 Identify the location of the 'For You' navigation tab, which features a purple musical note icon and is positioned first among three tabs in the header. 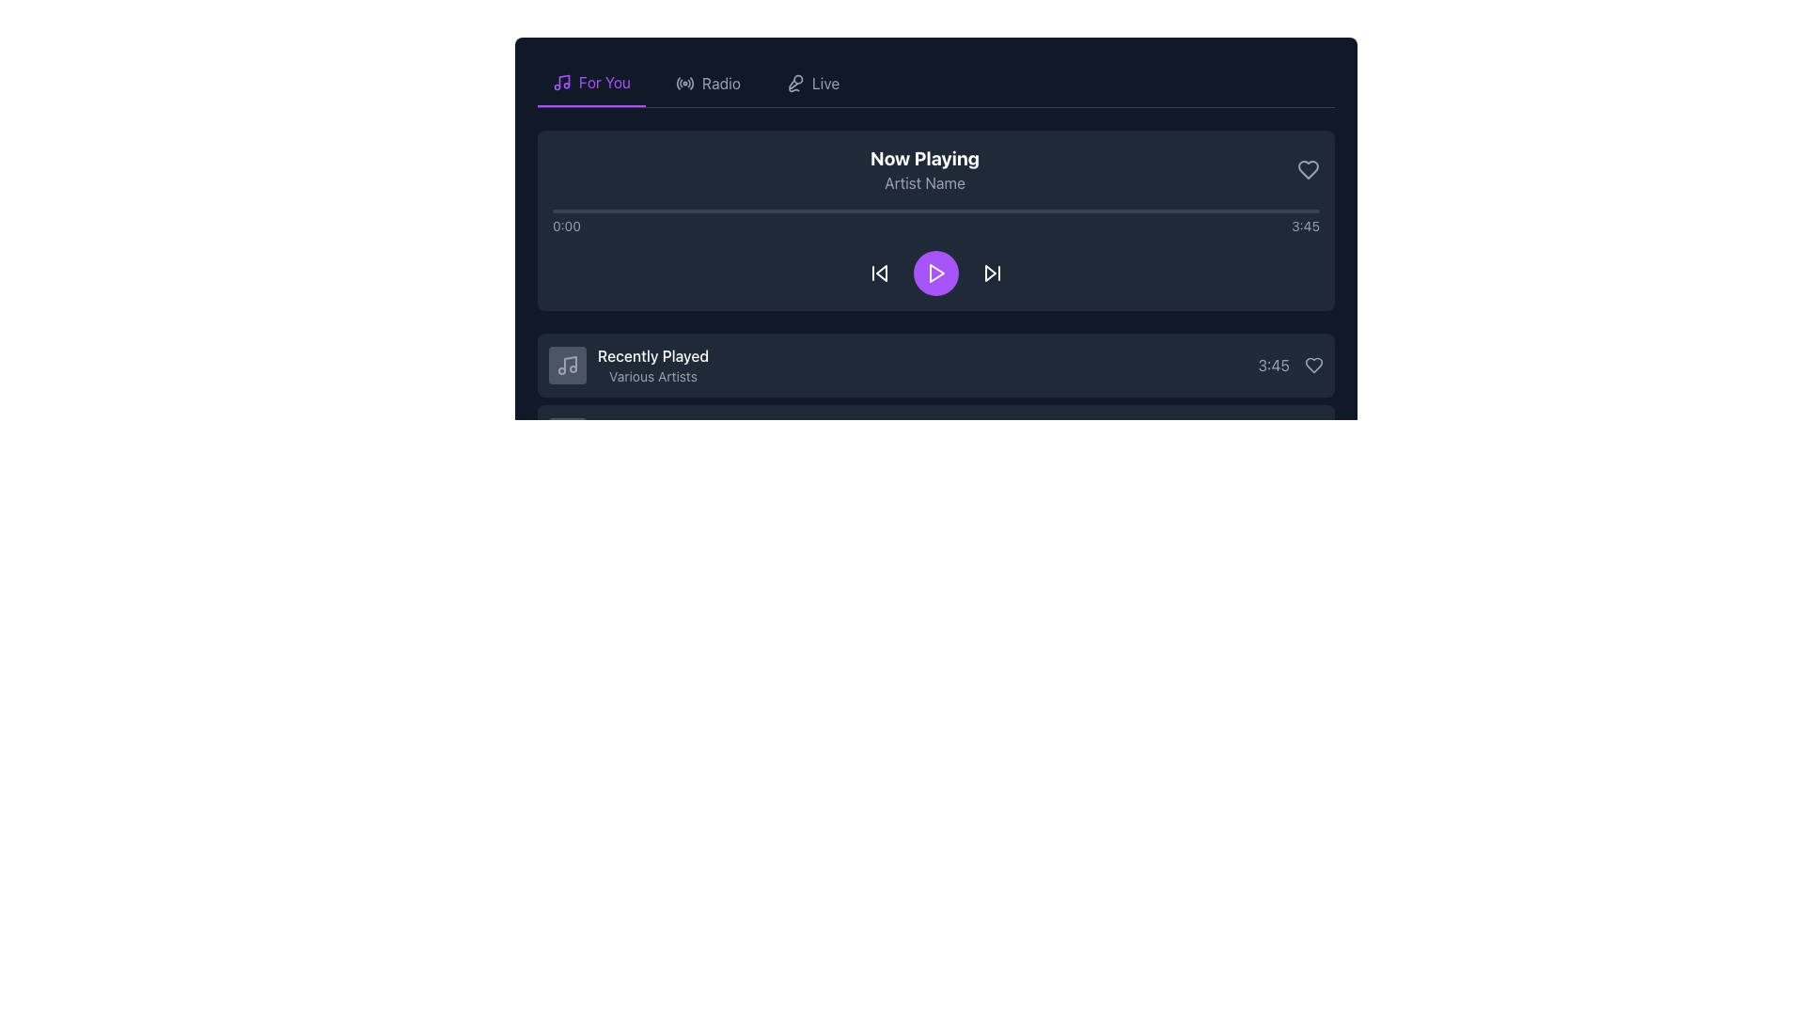
(590, 82).